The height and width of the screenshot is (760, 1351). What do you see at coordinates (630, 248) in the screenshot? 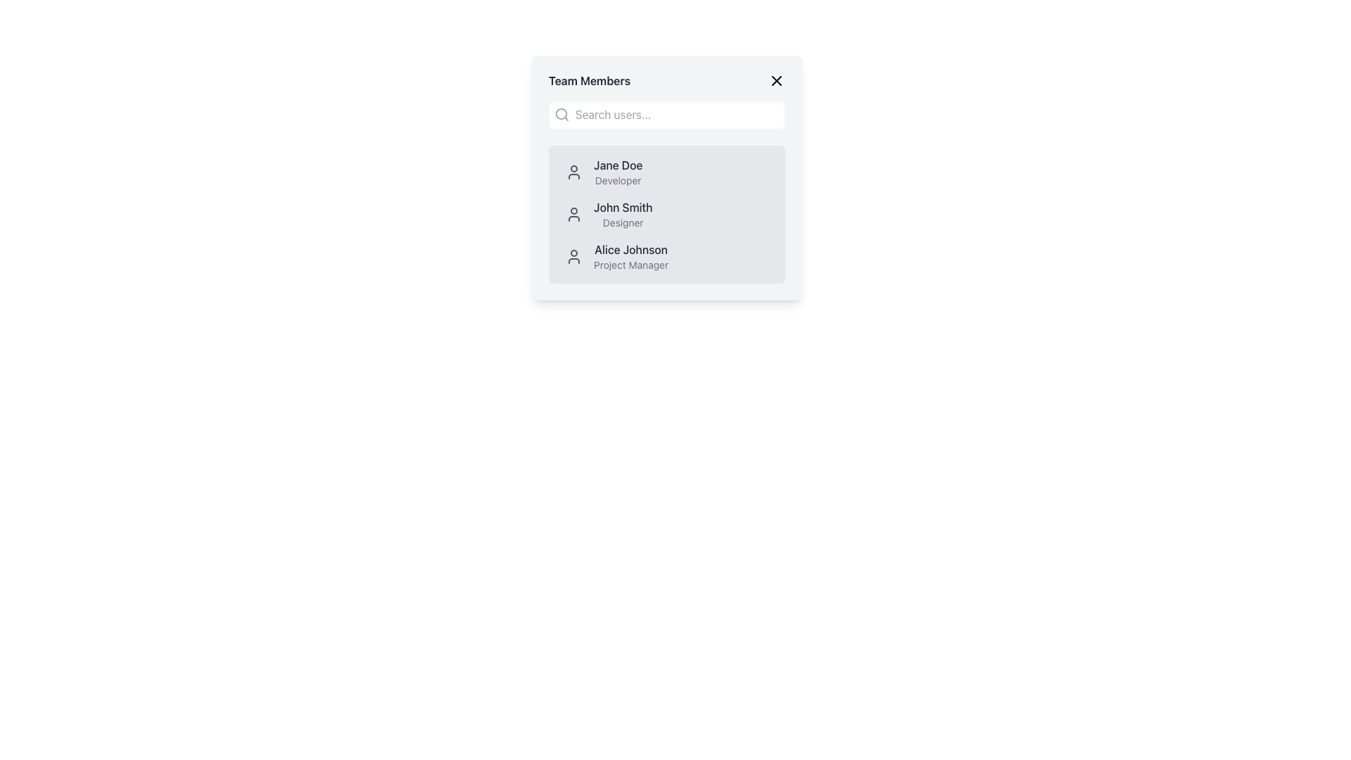
I see `the text label 'Alice Johnson', which is styled in medium-weight dark gray font and is the first line of a two-line entry in the 'Team Members' list` at bounding box center [630, 248].